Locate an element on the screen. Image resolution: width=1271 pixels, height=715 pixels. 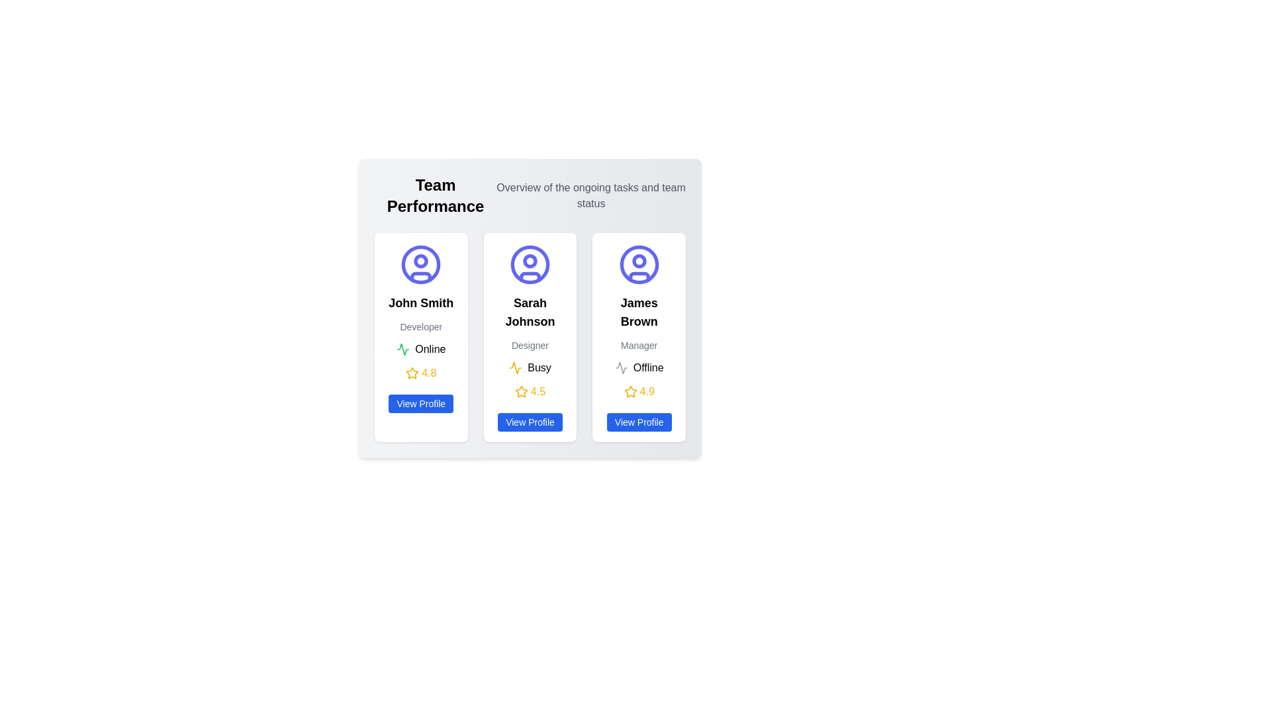
the header section containing the title 'Team Performance' and subtitle 'Overview of the ongoing tasks and team status' is located at coordinates (530, 196).